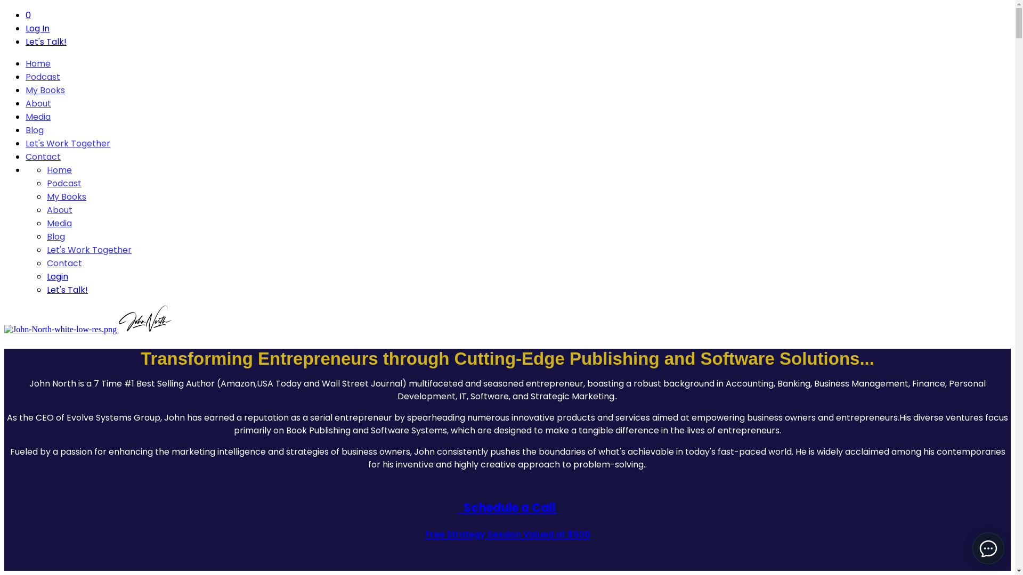  Describe the element at coordinates (59, 223) in the screenshot. I see `'Media'` at that location.